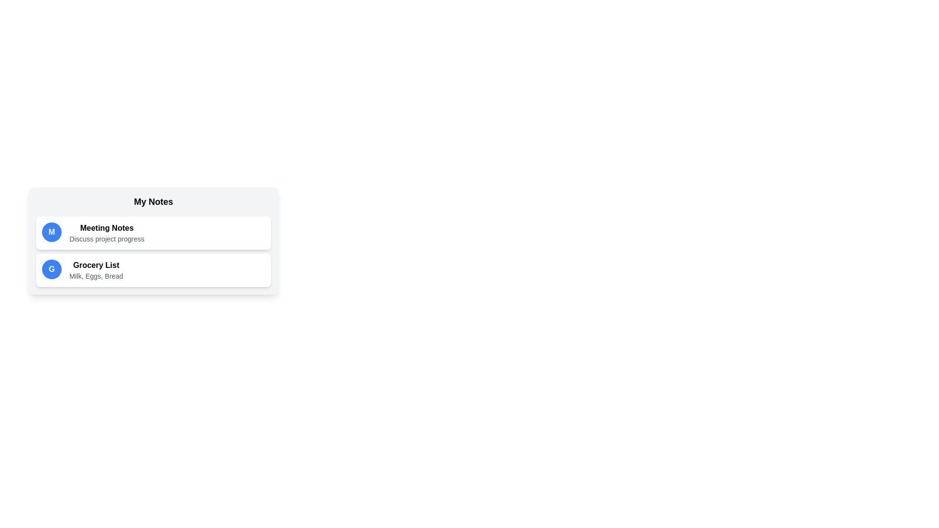  Describe the element at coordinates (51, 269) in the screenshot. I see `the icon corresponding to Grocery List to display additional information` at that location.